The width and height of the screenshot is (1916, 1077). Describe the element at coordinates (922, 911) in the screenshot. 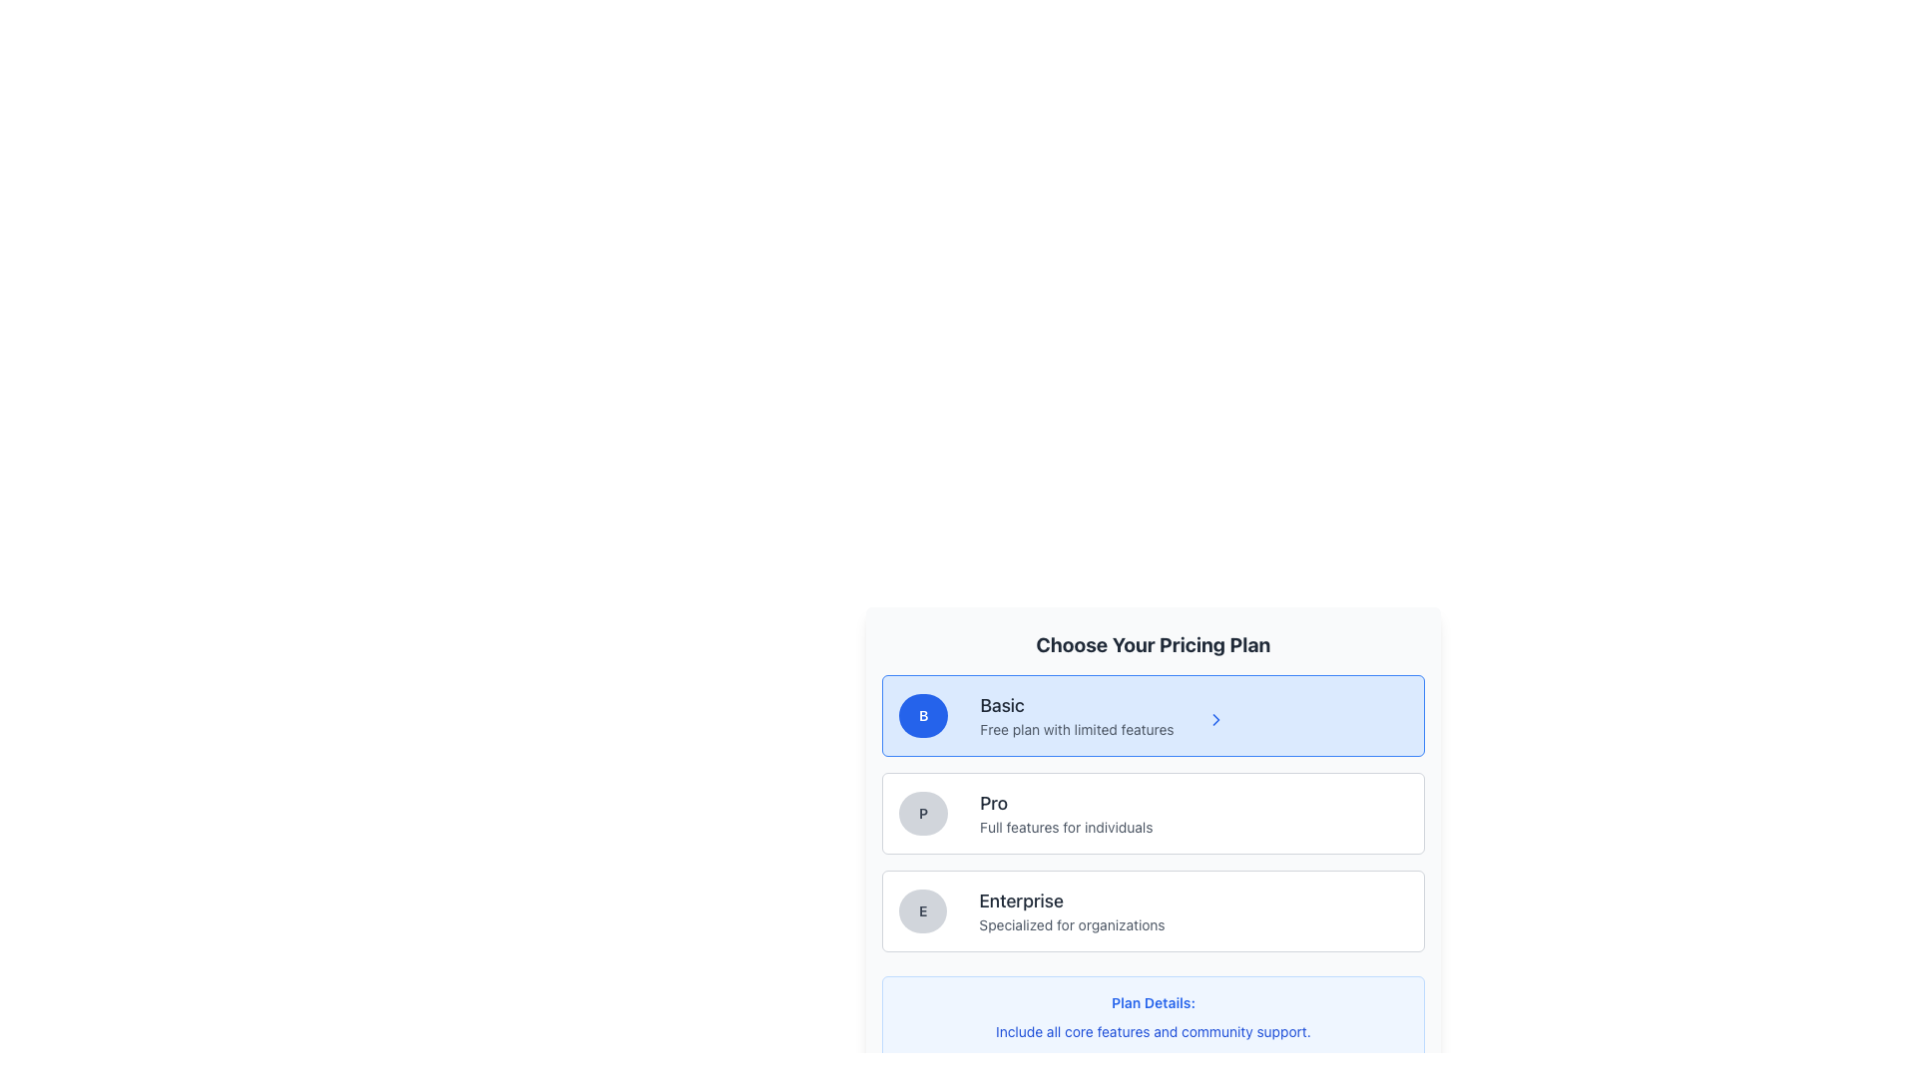

I see `the 'Enterprise' plan Badge located on the pricing plan selection interface, identified by its position at the leftmost side of the third option, next to the text 'Enterprise Specialized for organizations'` at that location.